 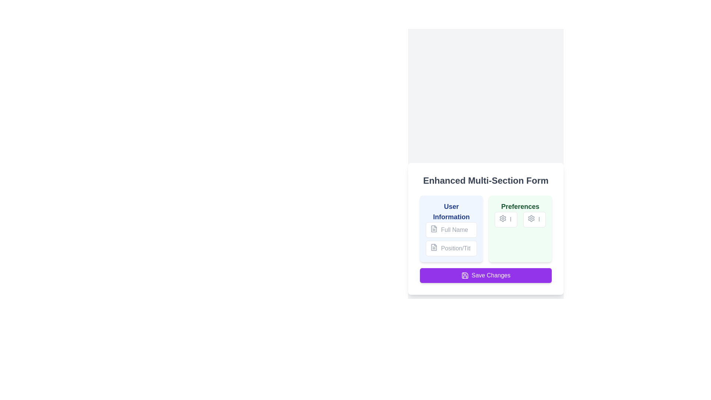 What do you see at coordinates (434, 228) in the screenshot?
I see `the document icon located in the 'User Information' section, to the left of the 'Full Name' text field, which has a gray minimalist design with a folded corner and text lines` at bounding box center [434, 228].